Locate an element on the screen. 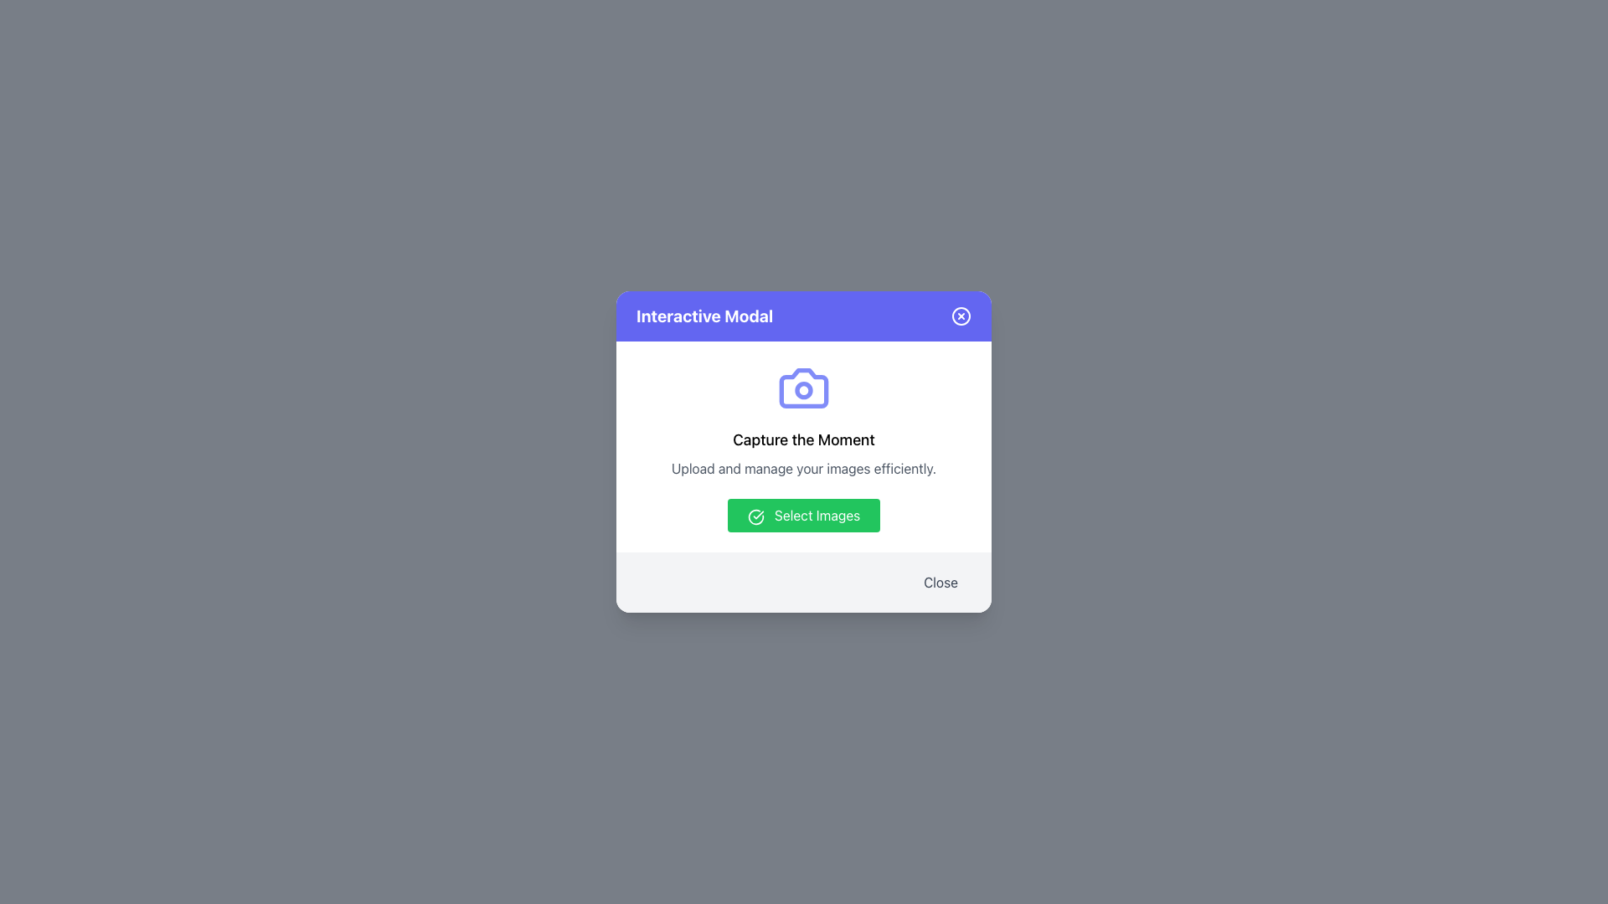  the static text label that provides a prompt for uploading and managing images, located above the 'Select Images' button is located at coordinates (804, 468).